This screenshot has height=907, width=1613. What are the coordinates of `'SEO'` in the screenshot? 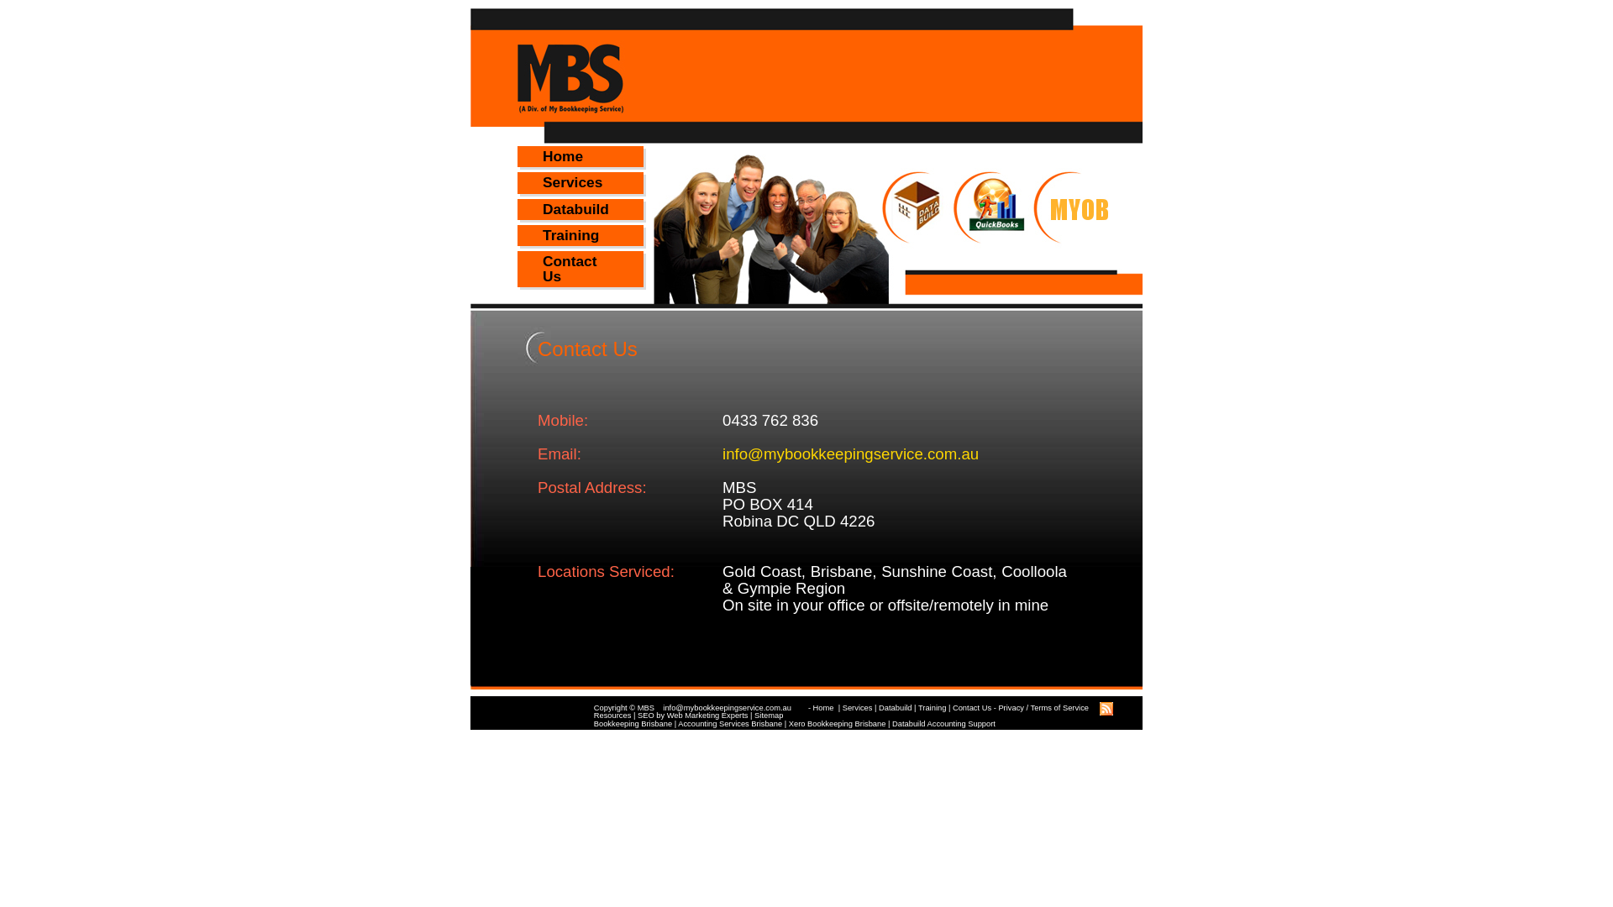 It's located at (644, 716).